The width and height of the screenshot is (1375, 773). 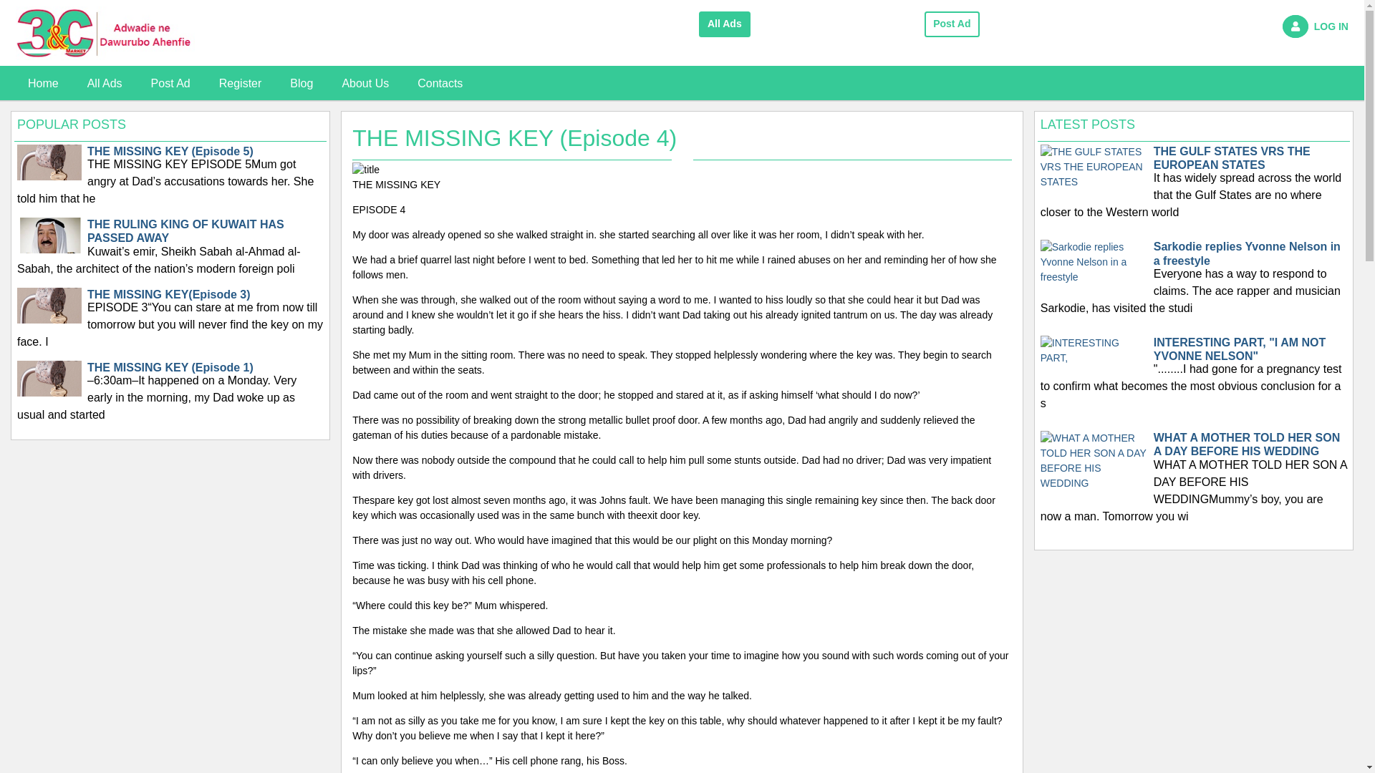 What do you see at coordinates (49, 249) in the screenshot?
I see `'THE RULING KING OF KUWAIT HAS PASSED AWAY'` at bounding box center [49, 249].